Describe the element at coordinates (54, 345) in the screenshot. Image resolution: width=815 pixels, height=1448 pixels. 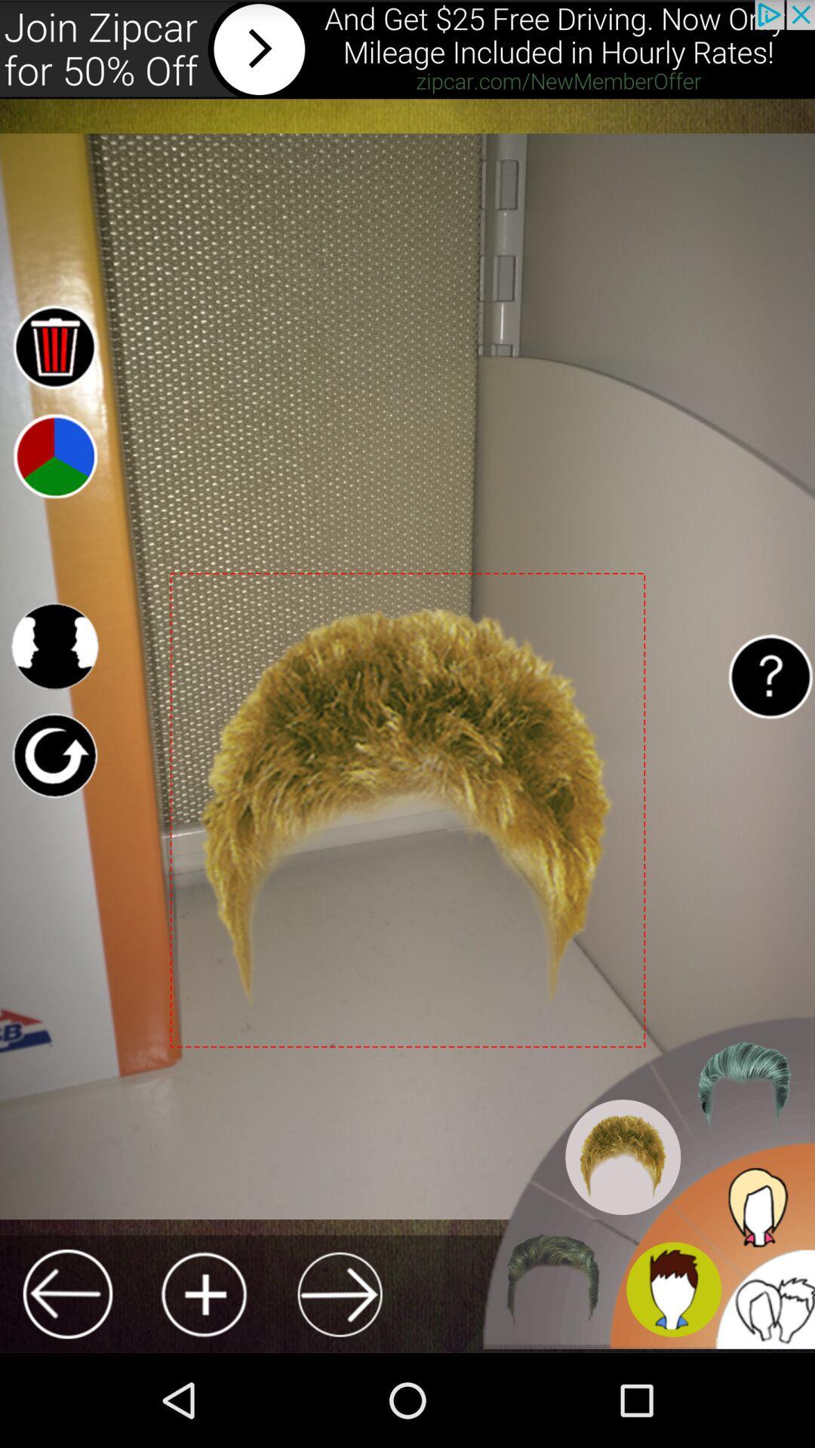
I see `delete element` at that location.